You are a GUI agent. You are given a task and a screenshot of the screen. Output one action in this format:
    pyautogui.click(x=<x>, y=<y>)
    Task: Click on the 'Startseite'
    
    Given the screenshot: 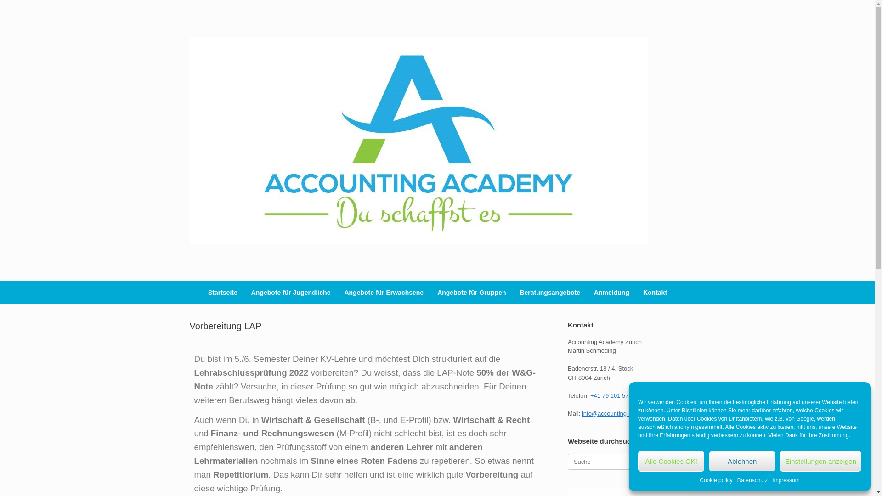 What is the action you would take?
    pyautogui.click(x=222, y=292)
    